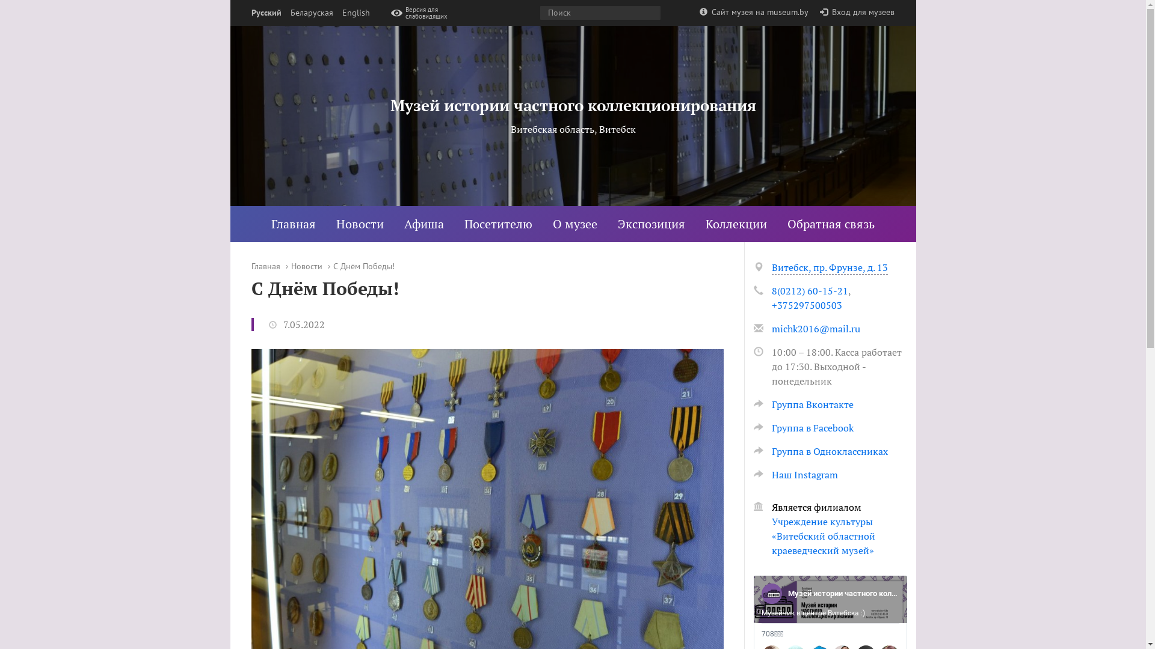 Image resolution: width=1155 pixels, height=649 pixels. What do you see at coordinates (815, 329) in the screenshot?
I see `'michk2016@mail.ru'` at bounding box center [815, 329].